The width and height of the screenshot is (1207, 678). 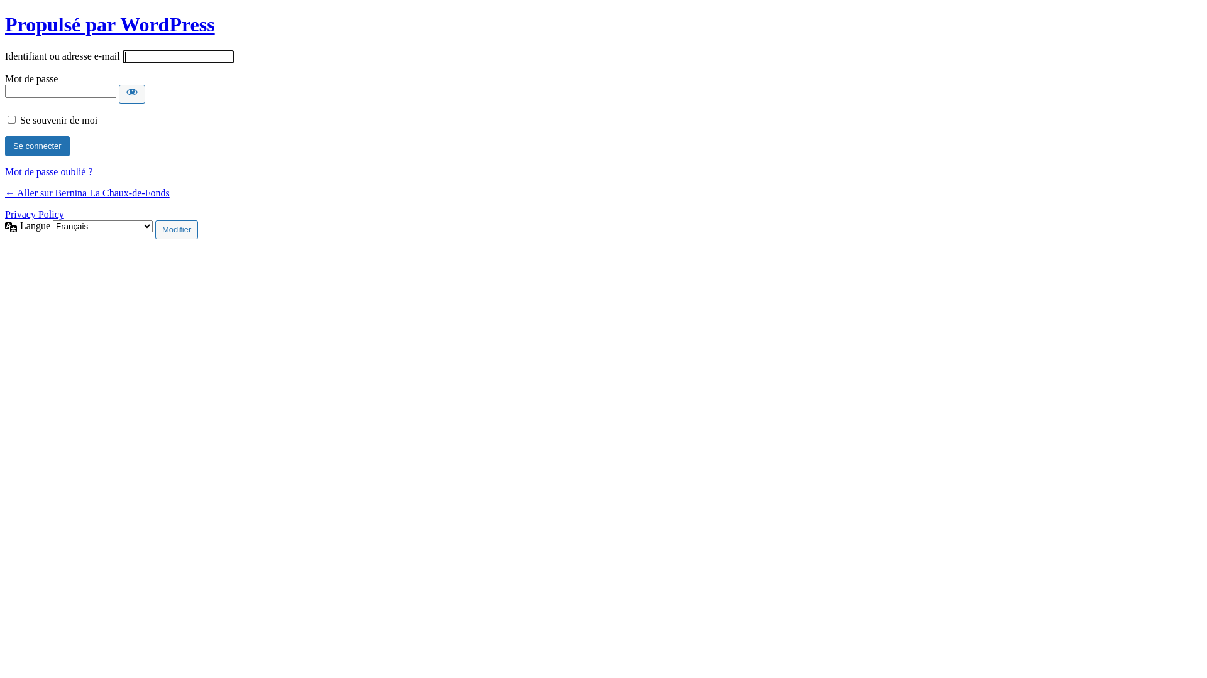 I want to click on 'Se connecter', so click(x=5, y=145).